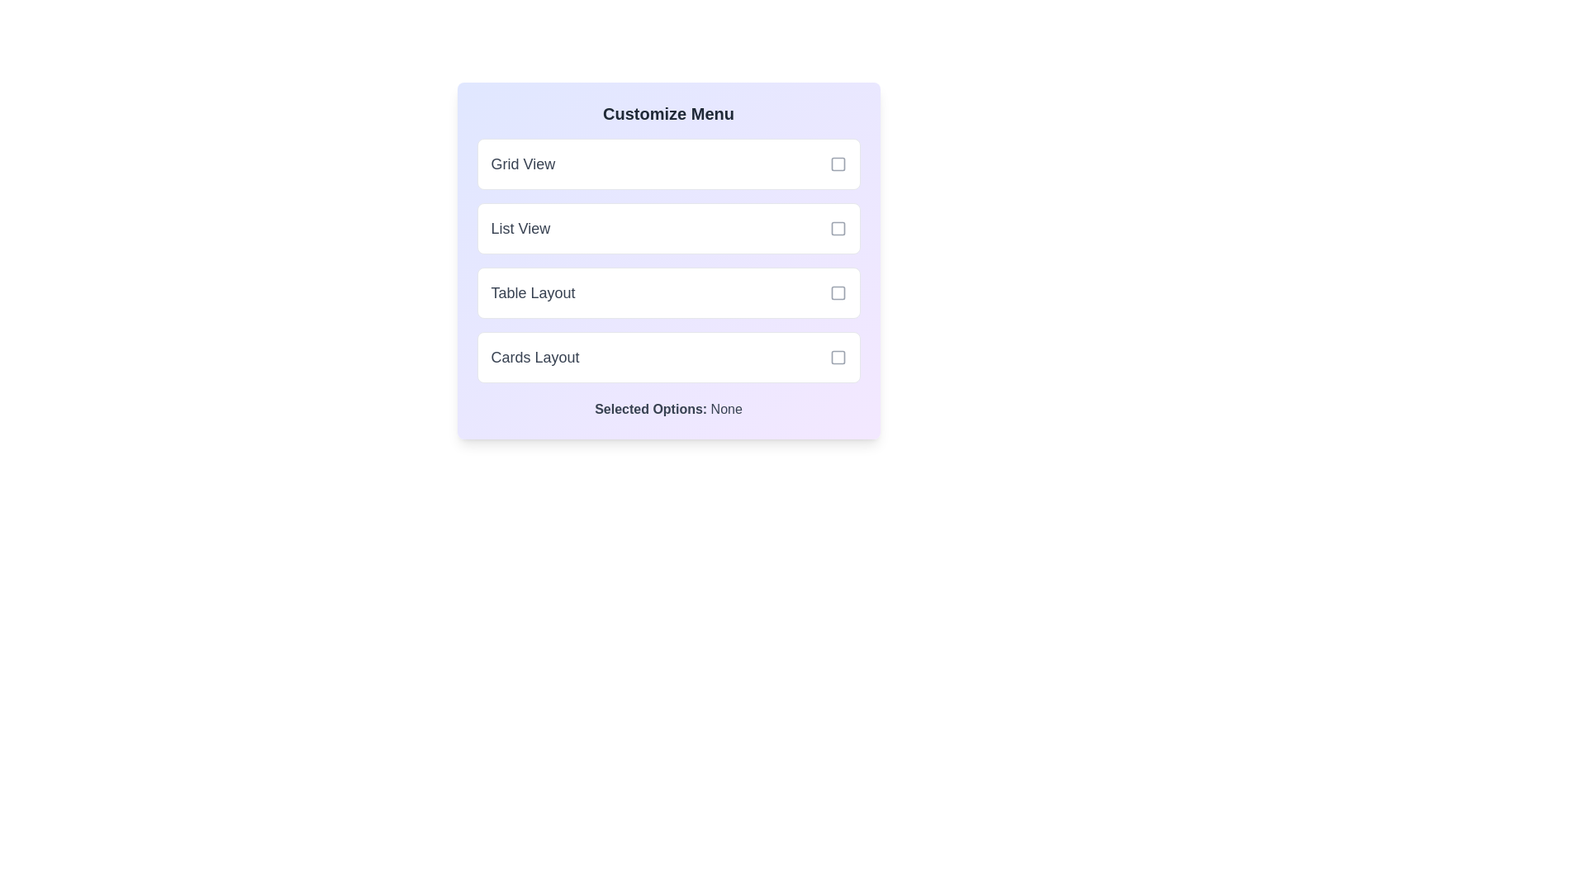 This screenshot has width=1586, height=892. What do you see at coordinates (838, 292) in the screenshot?
I see `the Checkbox element located to the right of the 'Table Layout' label for interaction feedback` at bounding box center [838, 292].